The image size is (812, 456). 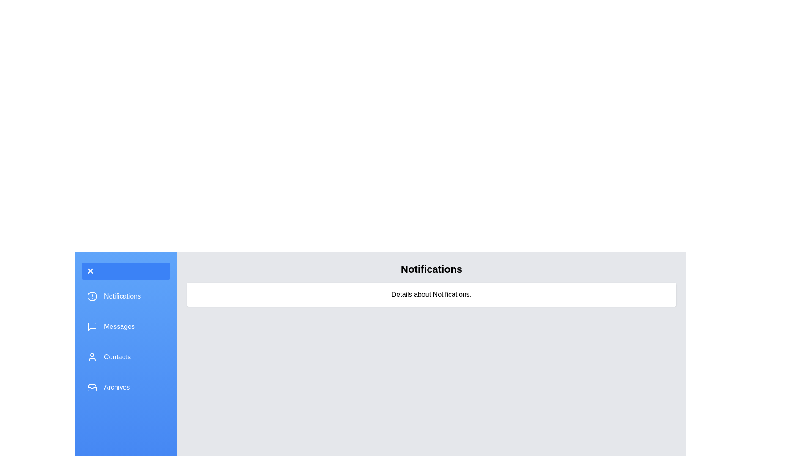 I want to click on the menu section Notifications, so click(x=125, y=296).